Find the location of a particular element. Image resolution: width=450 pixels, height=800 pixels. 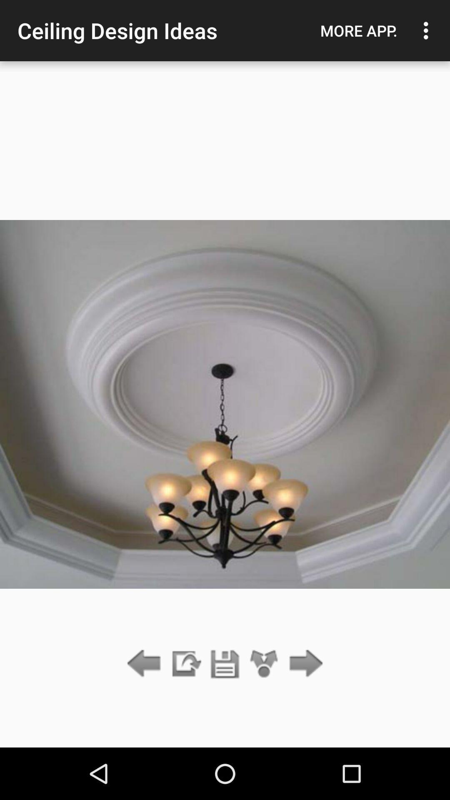

the share icon is located at coordinates (264, 664).